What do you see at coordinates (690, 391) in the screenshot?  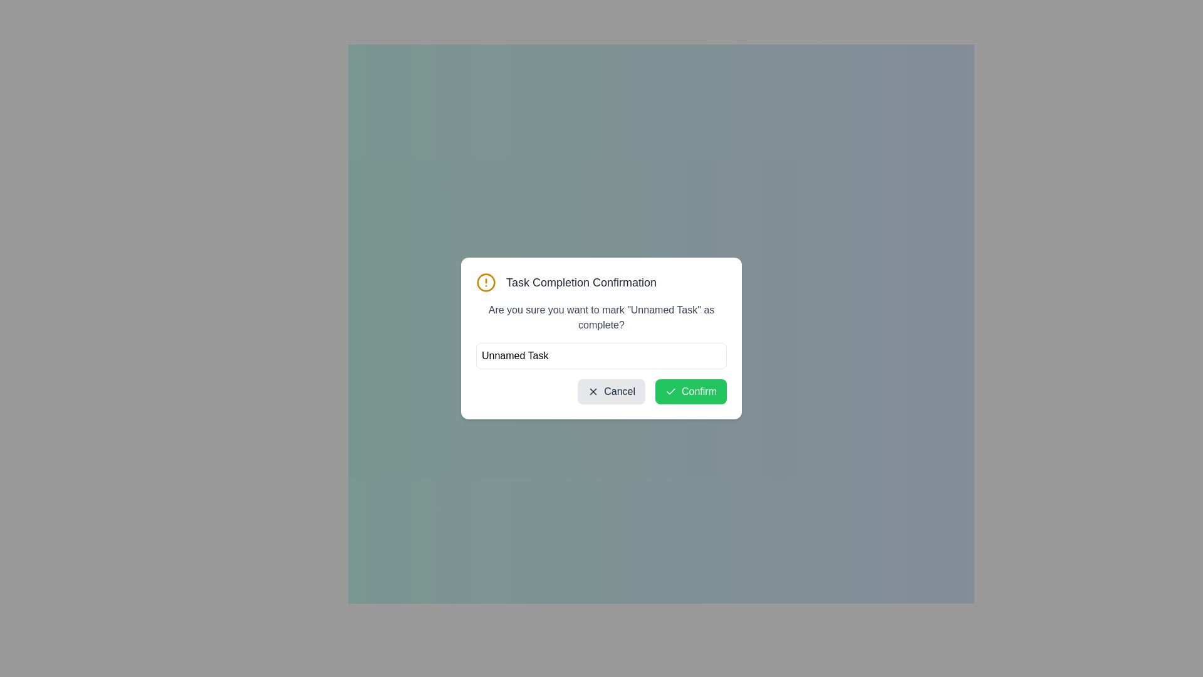 I see `the confirmation button located at the bottom-right of the dialog box` at bounding box center [690, 391].